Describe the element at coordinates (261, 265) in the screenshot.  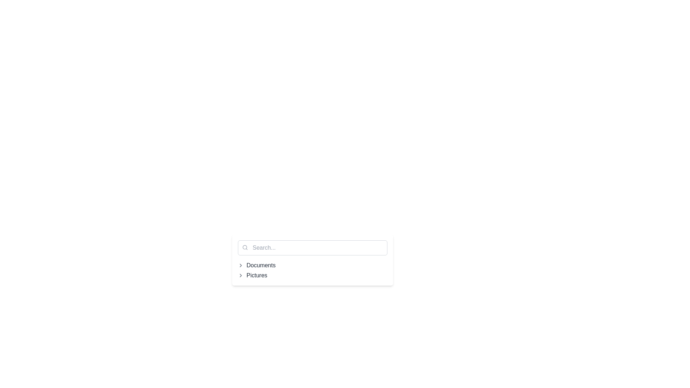
I see `displayed text from the static label that shows 'Documents', which is styled in gray on a white background` at that location.